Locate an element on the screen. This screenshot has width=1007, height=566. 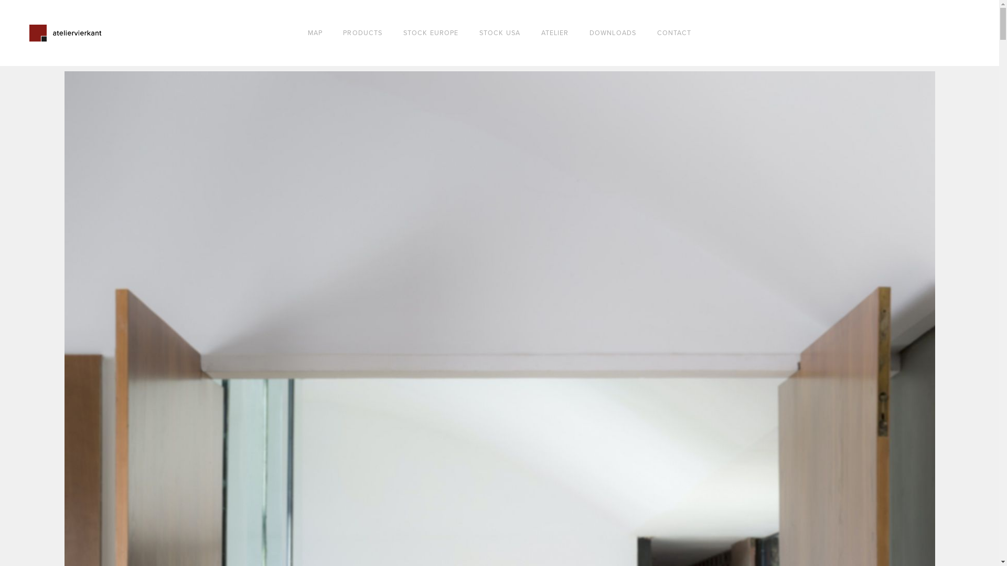
'MAP' is located at coordinates (314, 32).